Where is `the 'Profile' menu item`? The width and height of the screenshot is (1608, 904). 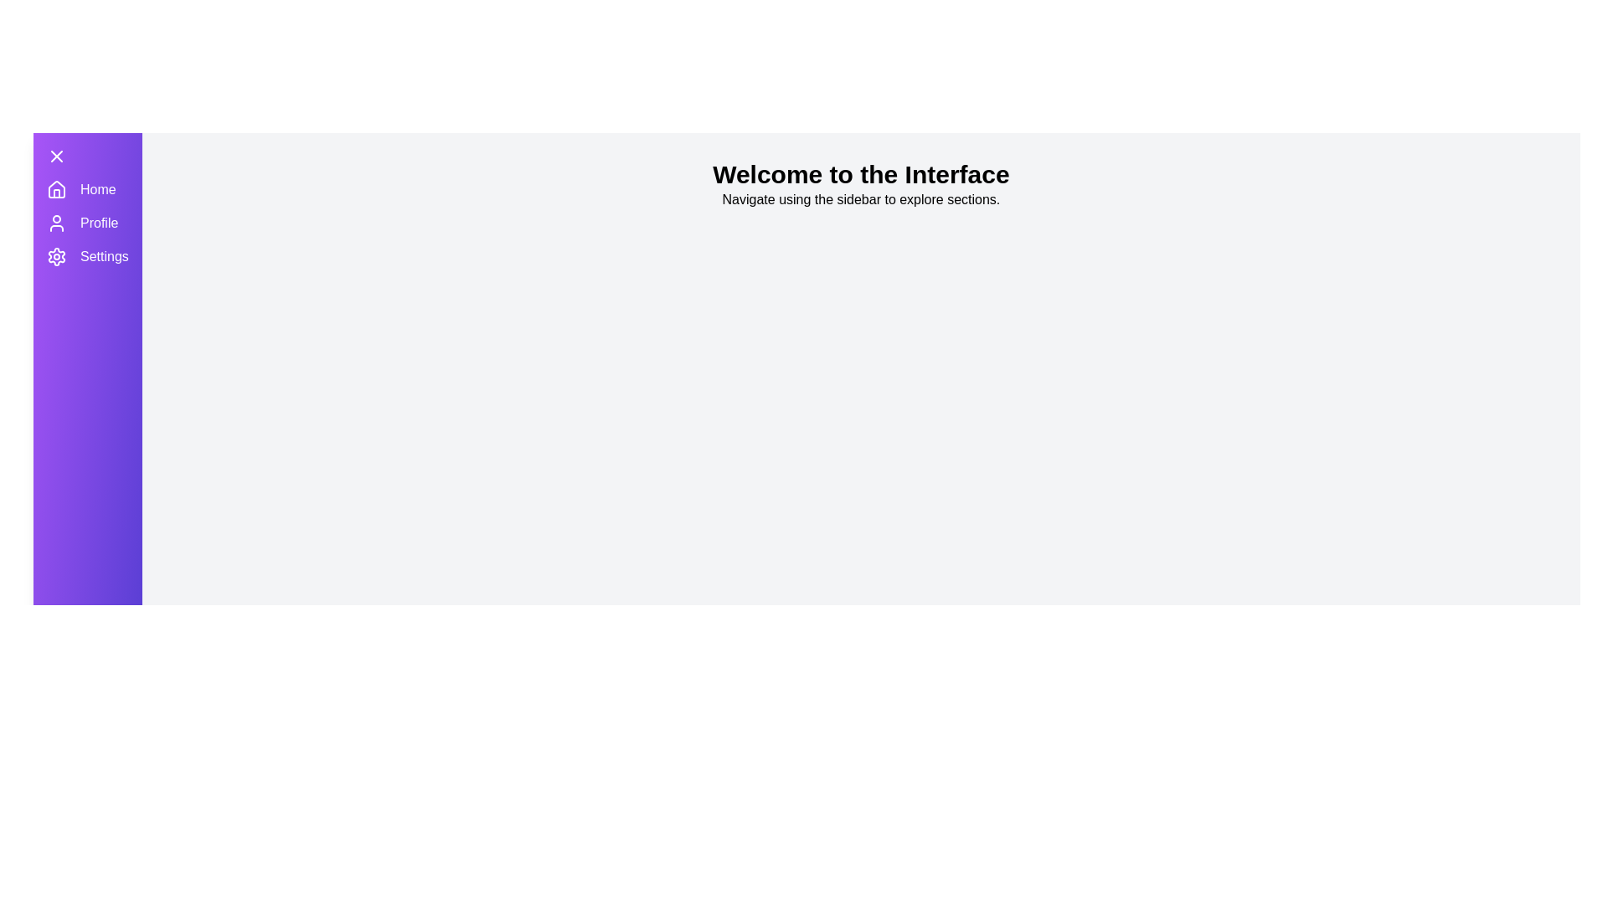 the 'Profile' menu item is located at coordinates (98, 222).